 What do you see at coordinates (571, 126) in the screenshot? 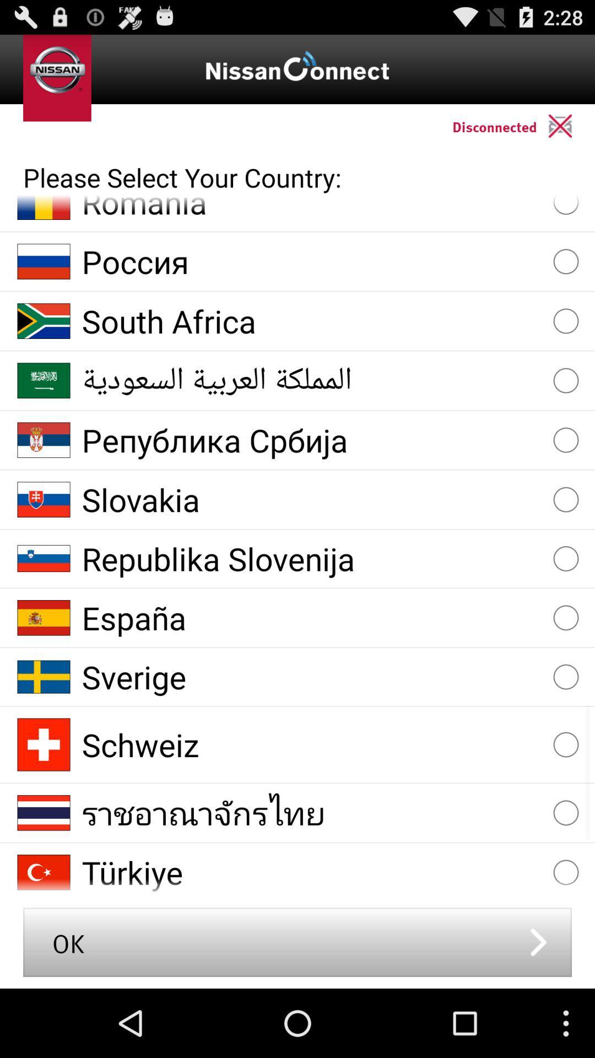
I see `connect option` at bounding box center [571, 126].